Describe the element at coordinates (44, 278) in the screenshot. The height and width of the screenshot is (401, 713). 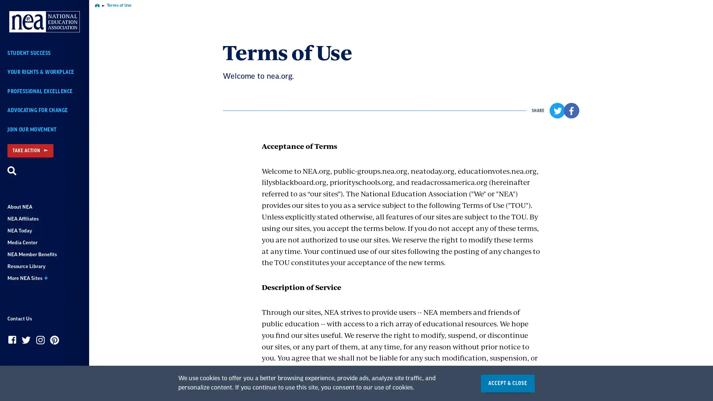
I see `More NEA Sites` at that location.